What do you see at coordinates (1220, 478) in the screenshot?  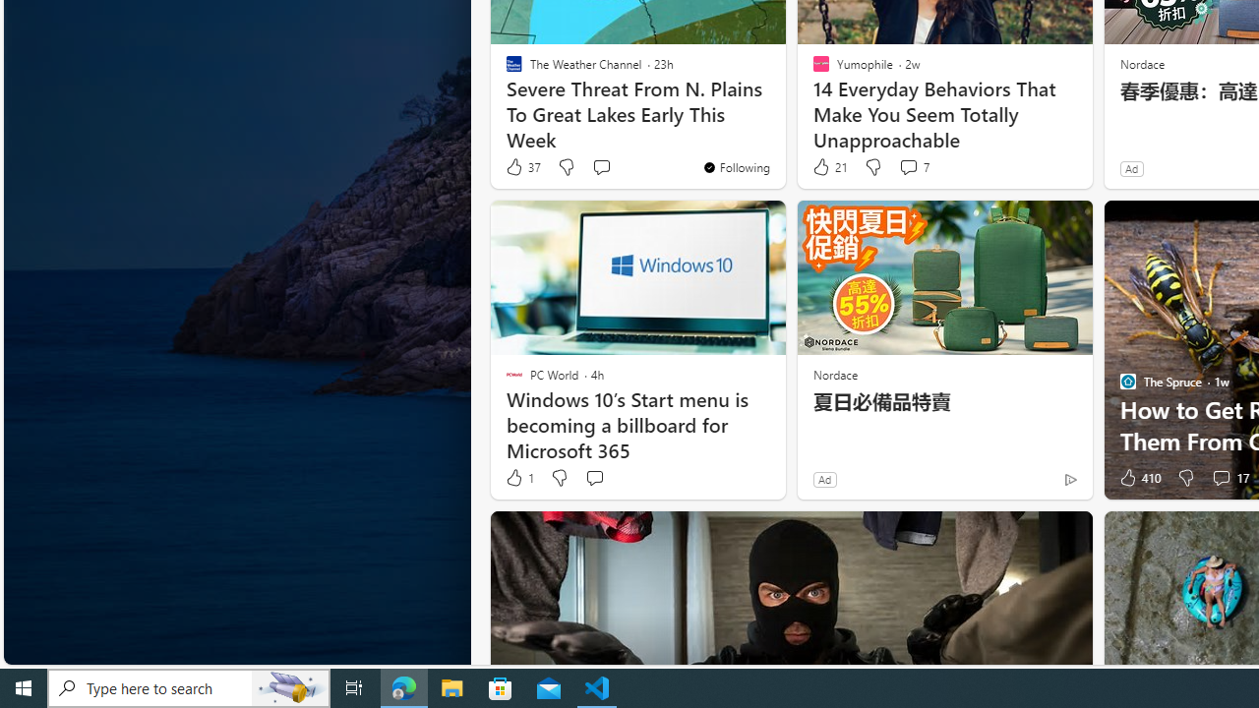 I see `'View comments 17 Comment'` at bounding box center [1220, 478].